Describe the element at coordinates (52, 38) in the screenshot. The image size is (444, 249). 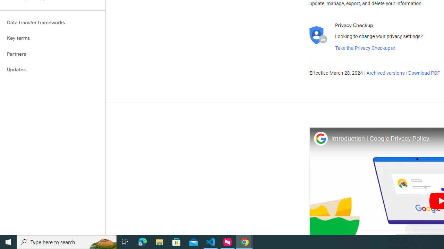
I see `'Key terms'` at that location.